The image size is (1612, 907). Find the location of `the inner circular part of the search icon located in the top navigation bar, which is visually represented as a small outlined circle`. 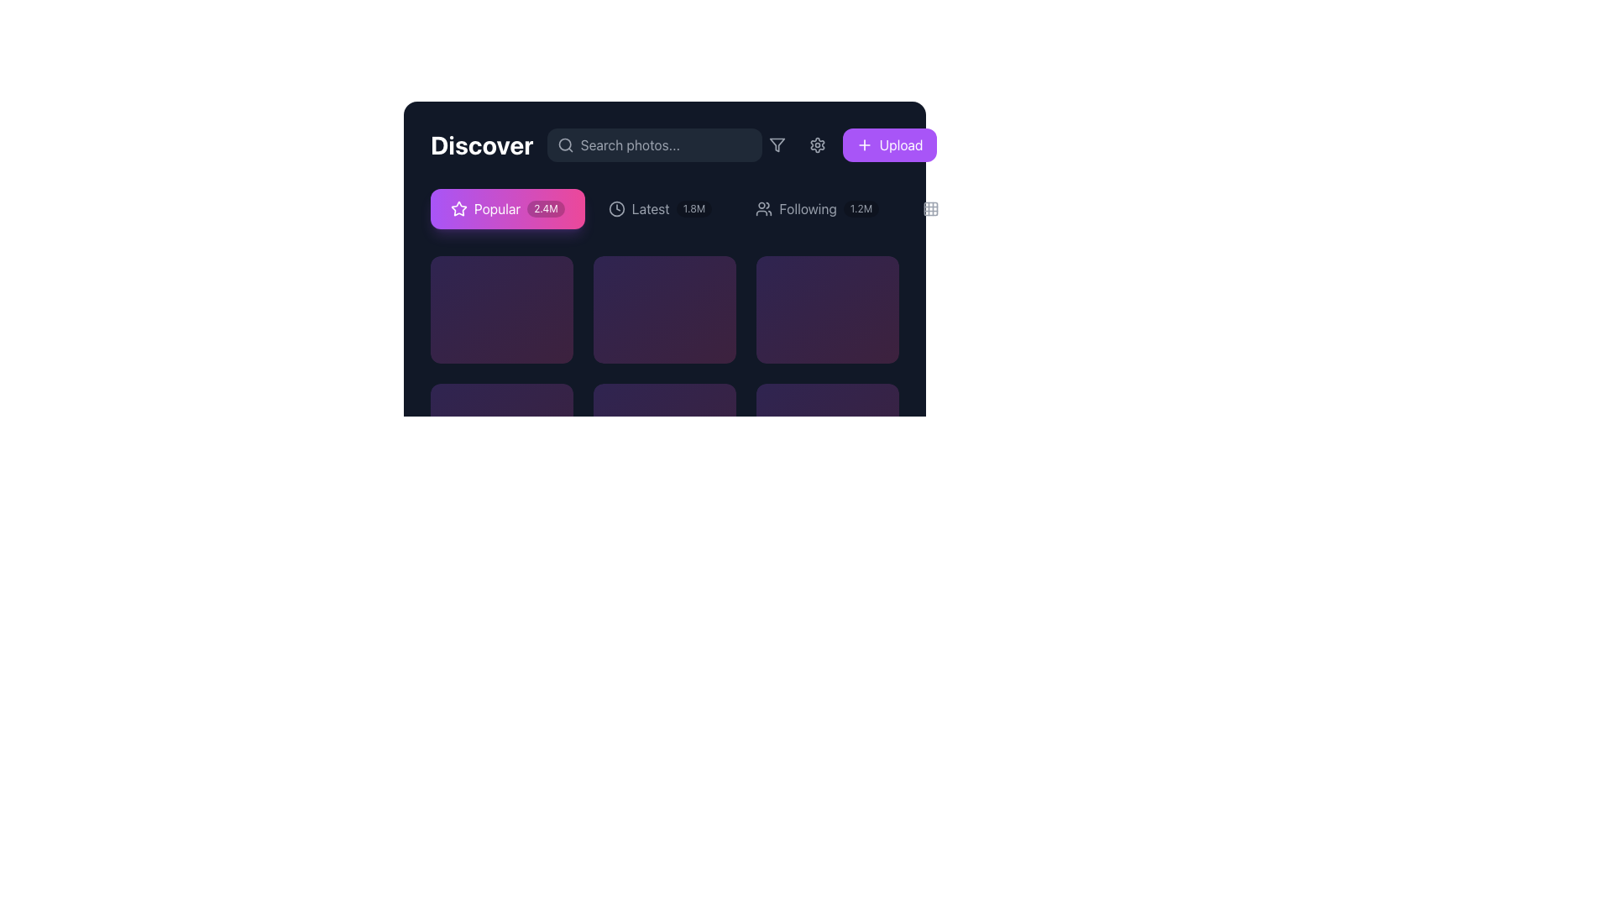

the inner circular part of the search icon located in the top navigation bar, which is visually represented as a small outlined circle is located at coordinates (564, 144).